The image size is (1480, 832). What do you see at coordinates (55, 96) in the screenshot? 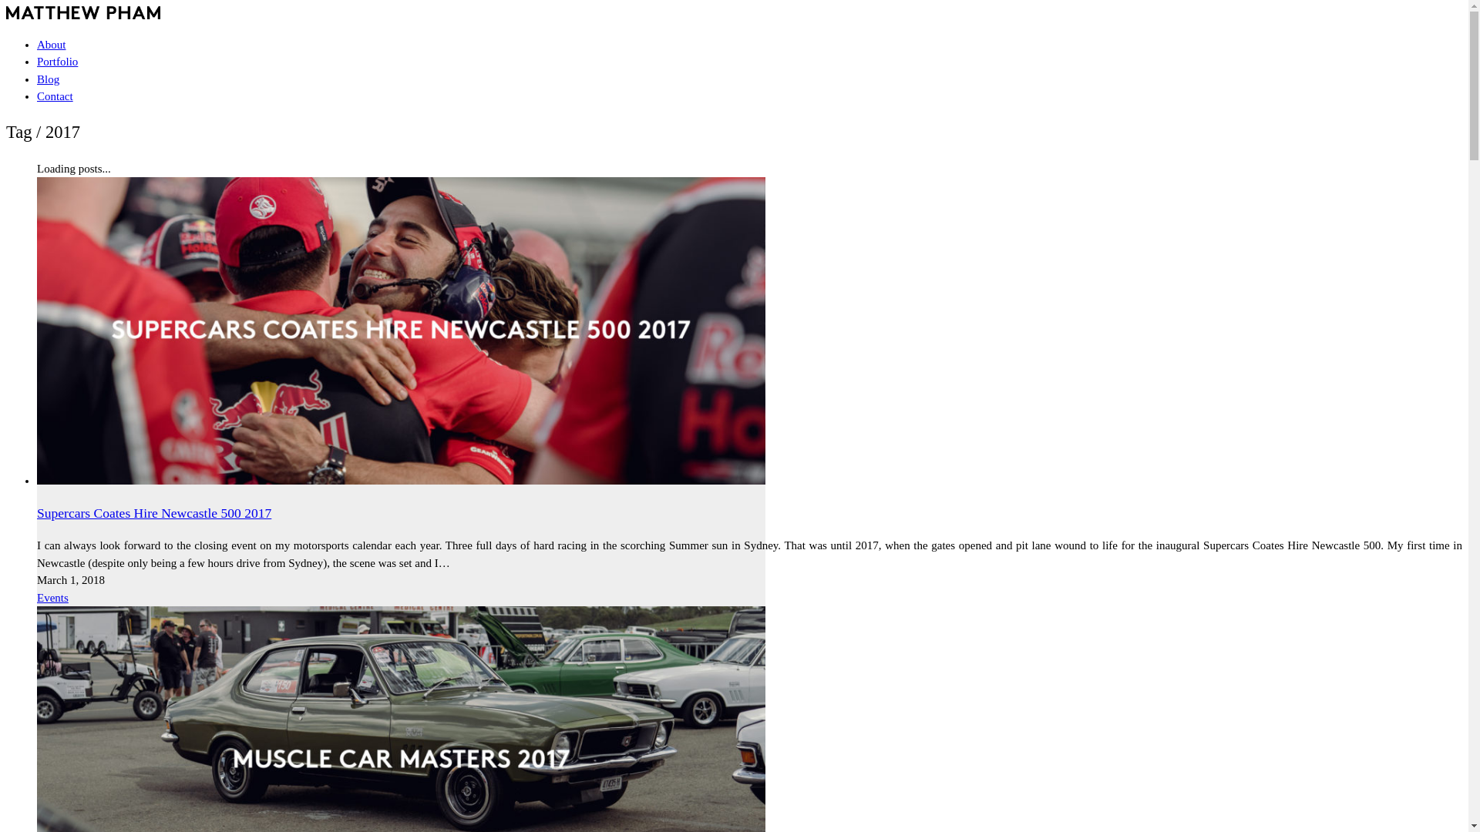
I see `'Contact'` at bounding box center [55, 96].